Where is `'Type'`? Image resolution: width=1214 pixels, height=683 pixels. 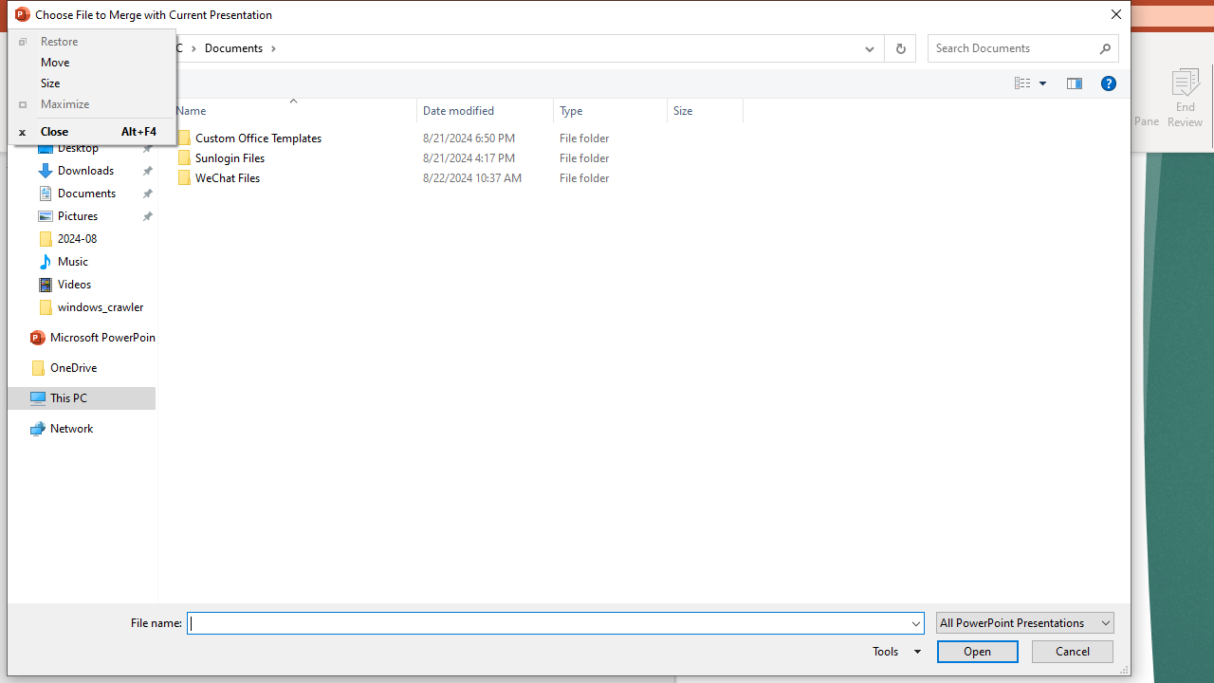 'Type' is located at coordinates (610, 110).